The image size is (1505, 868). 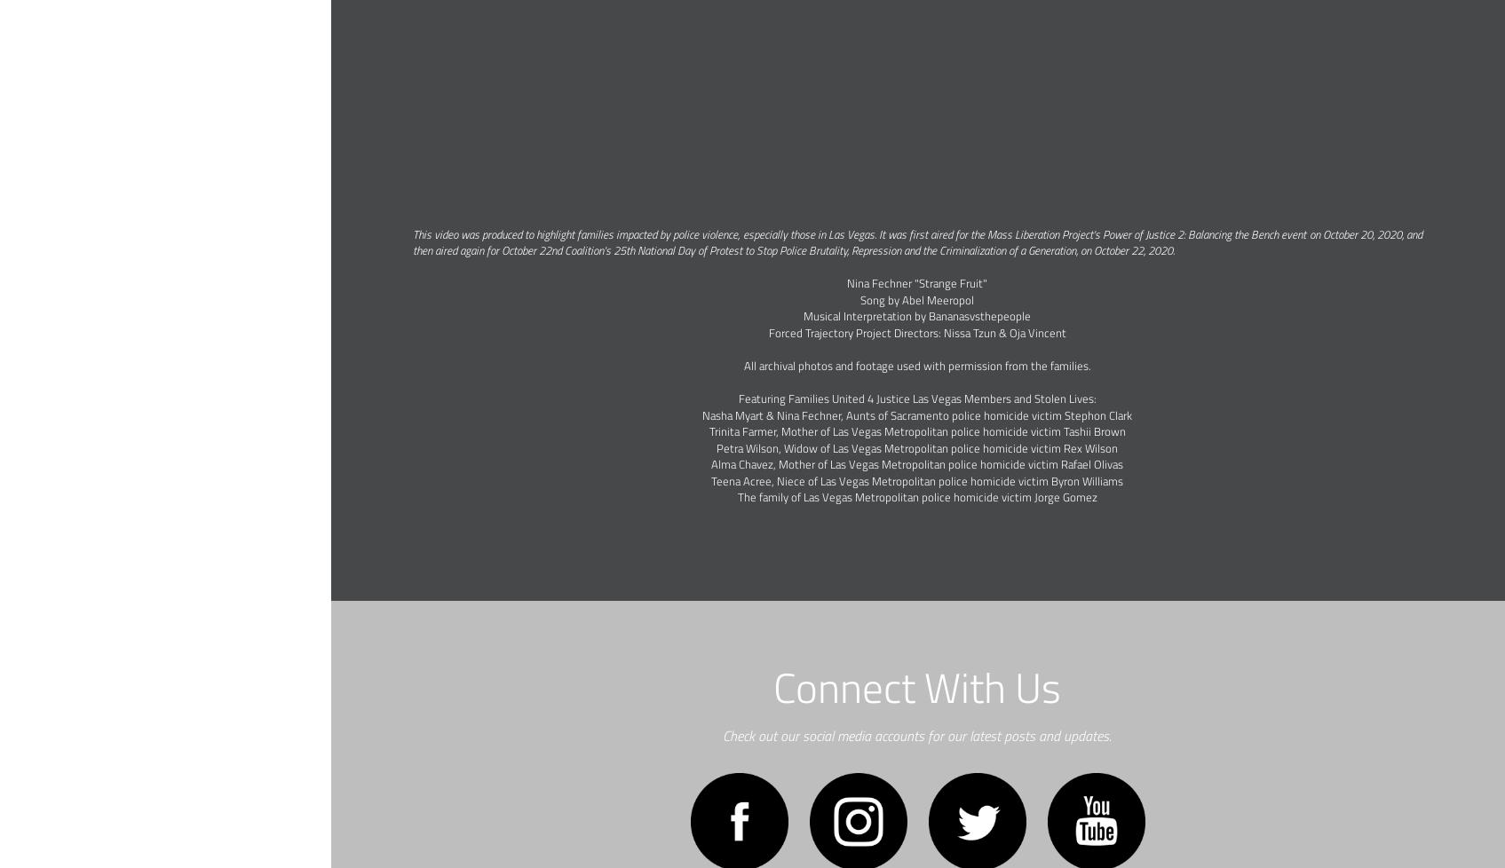 I want to click on 'Connect With Us', so click(x=915, y=686).